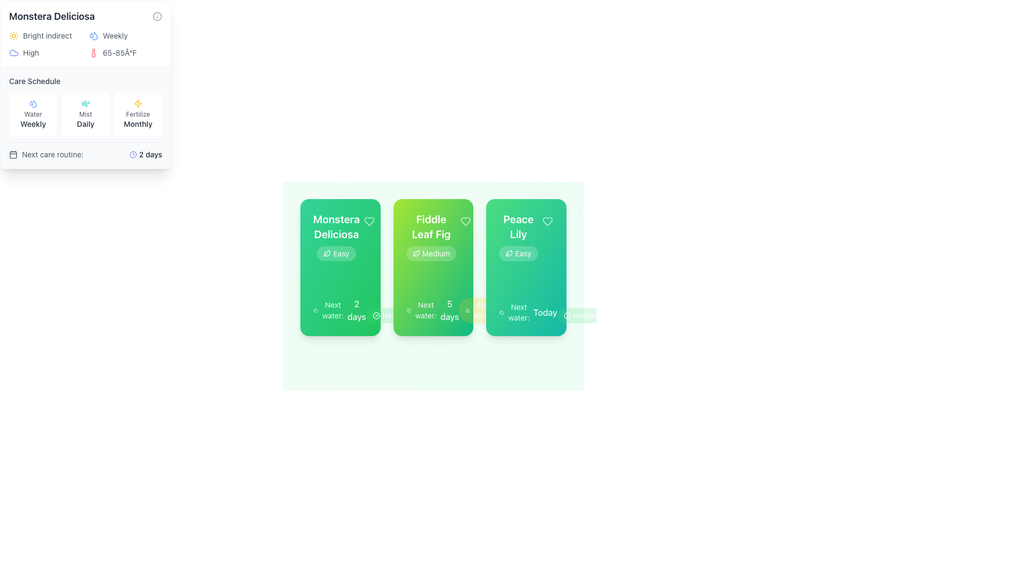 This screenshot has height=578, width=1028. Describe the element at coordinates (581, 315) in the screenshot. I see `the health status label with icon located at the bottom-right corner of the 'Peace Lily' card, which visually represents the item's well-being` at that location.